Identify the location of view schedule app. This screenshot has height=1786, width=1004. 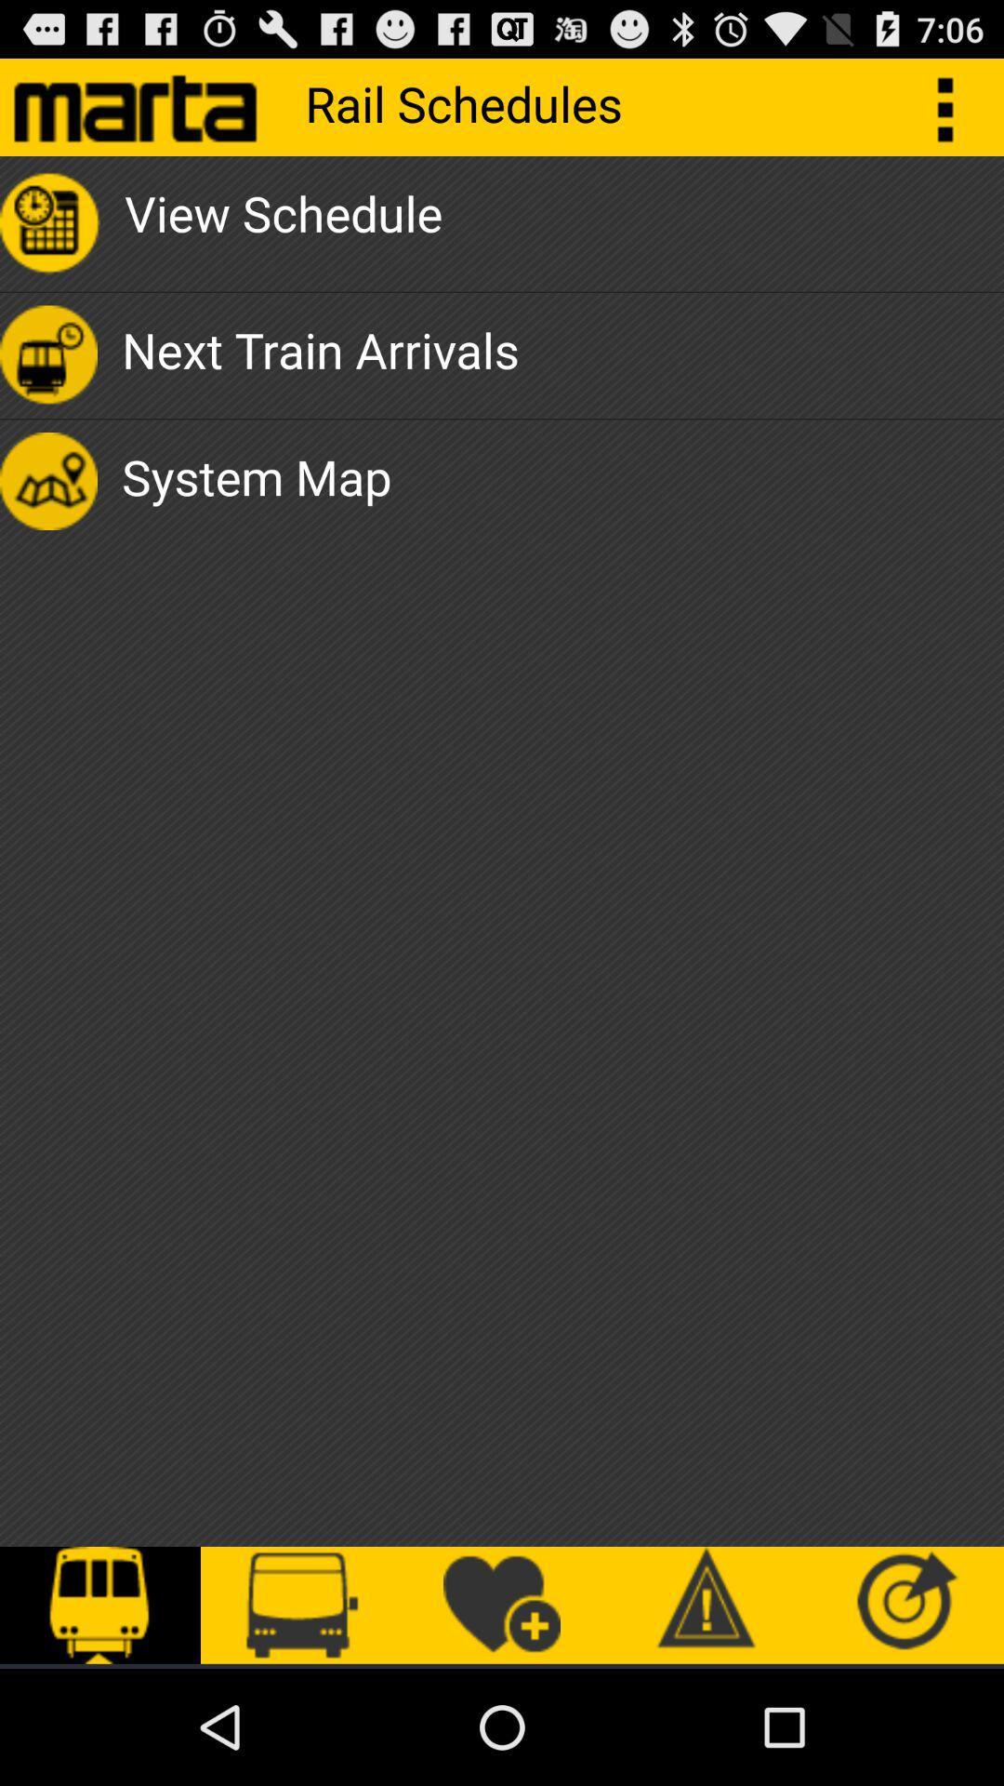
(284, 223).